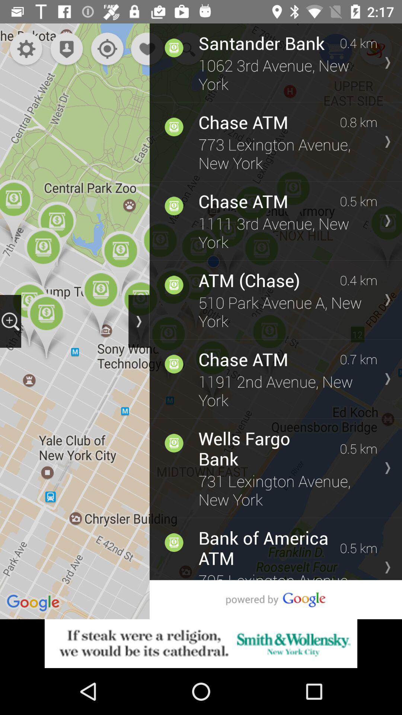 The width and height of the screenshot is (402, 715). Describe the element at coordinates (148, 49) in the screenshot. I see `the favorite icon` at that location.